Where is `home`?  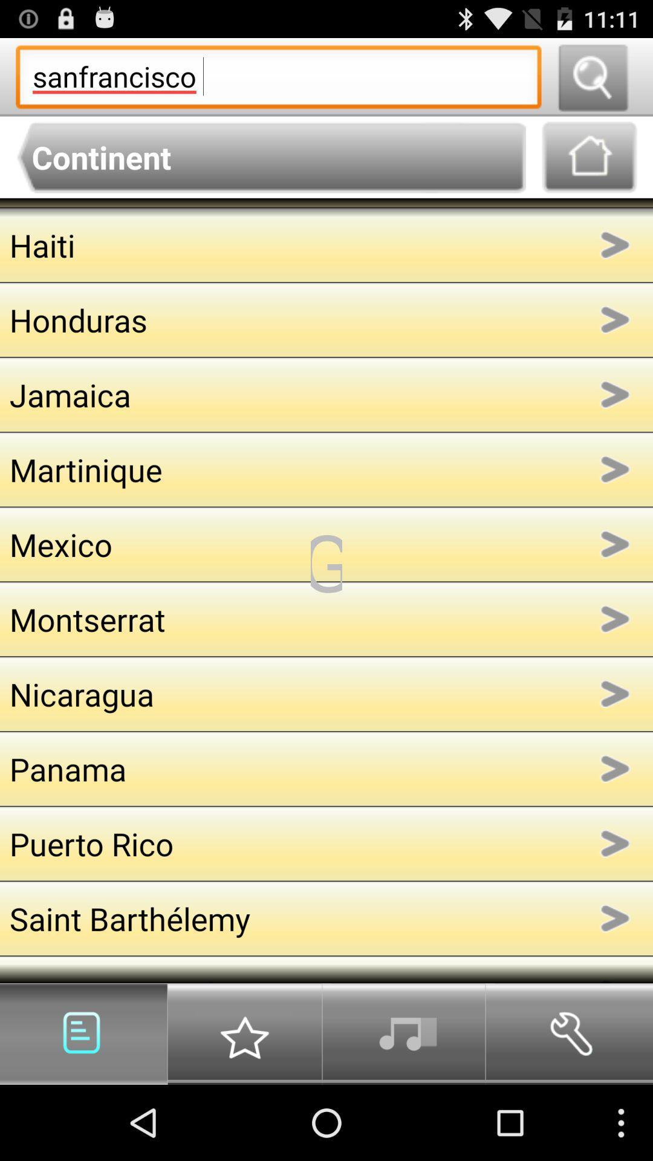 home is located at coordinates (589, 157).